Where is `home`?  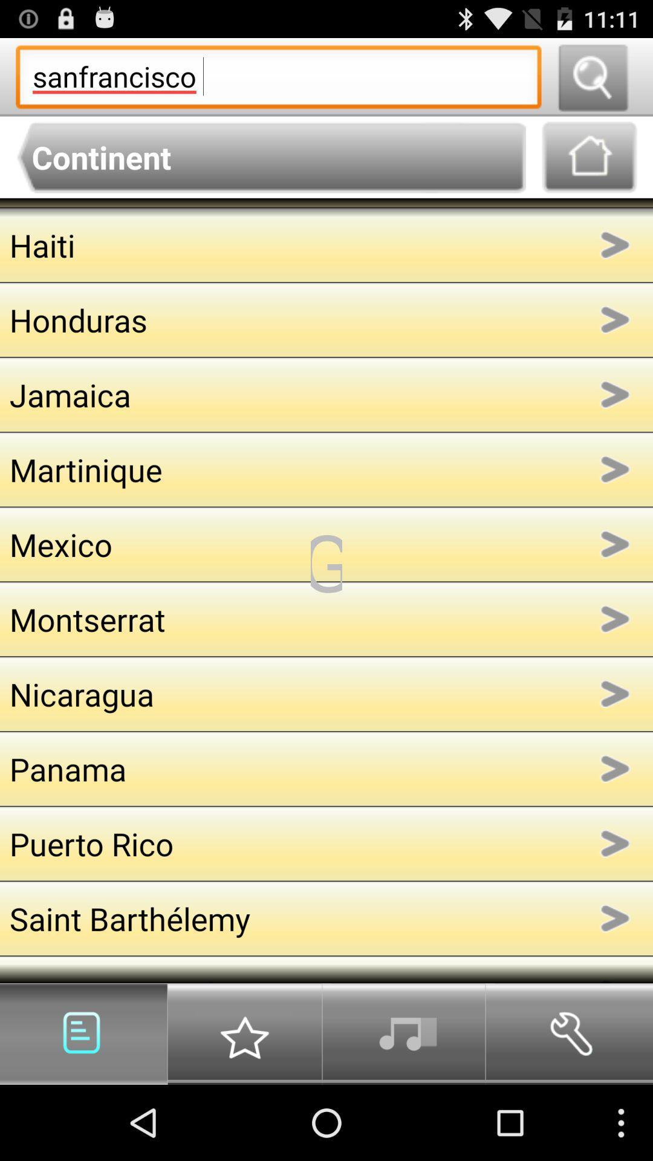 home is located at coordinates (589, 157).